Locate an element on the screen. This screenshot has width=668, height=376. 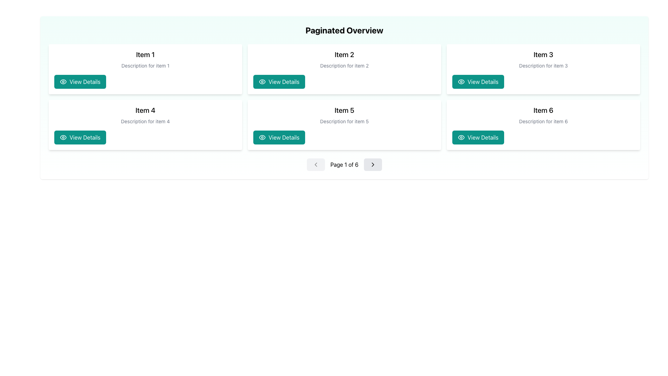
the text element styled in a small, gray font that reads 'Description for item 3', which is located below the main title 'Item 3' and above the 'View Details' button in the card is located at coordinates (543, 66).